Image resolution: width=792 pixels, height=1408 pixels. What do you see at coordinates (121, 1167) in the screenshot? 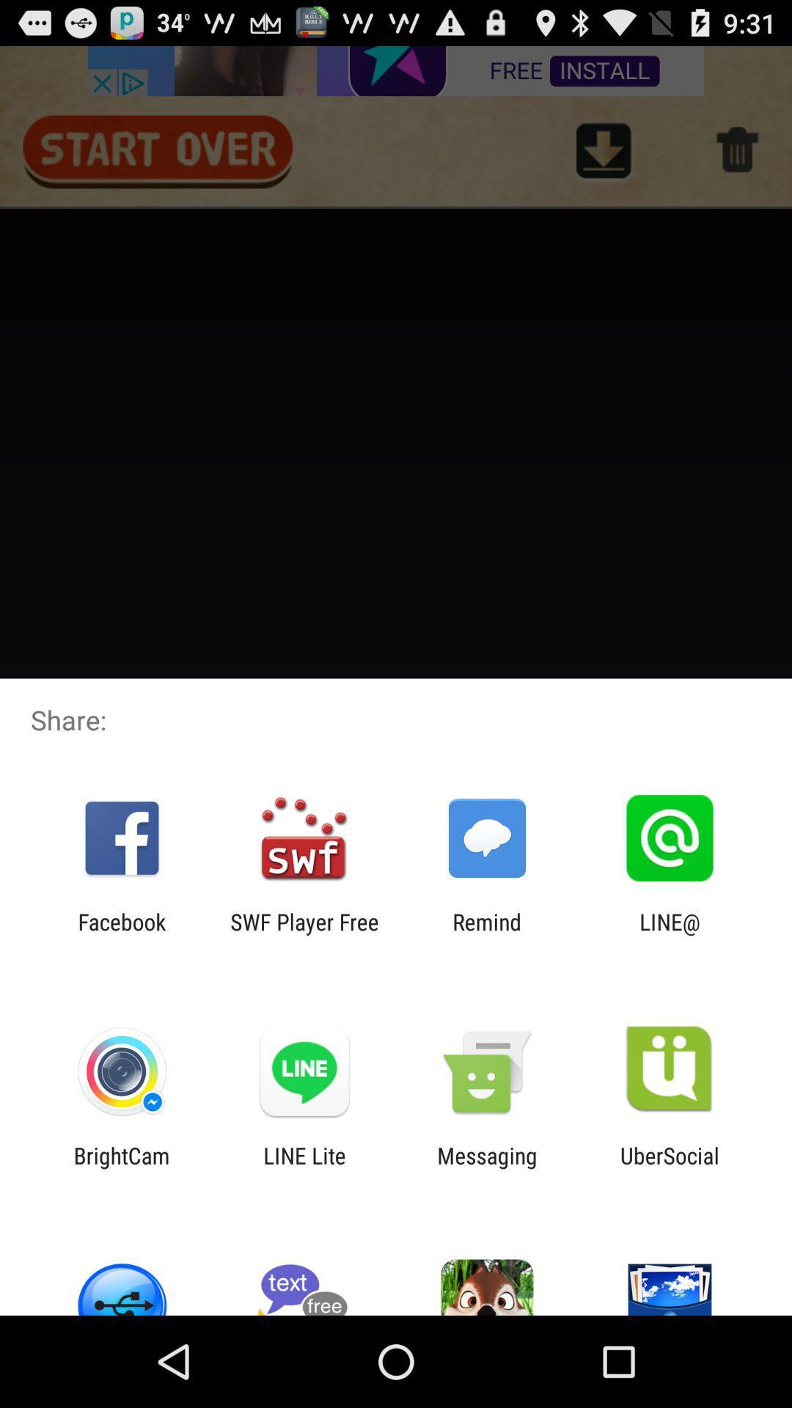
I see `the brightcam app` at bounding box center [121, 1167].